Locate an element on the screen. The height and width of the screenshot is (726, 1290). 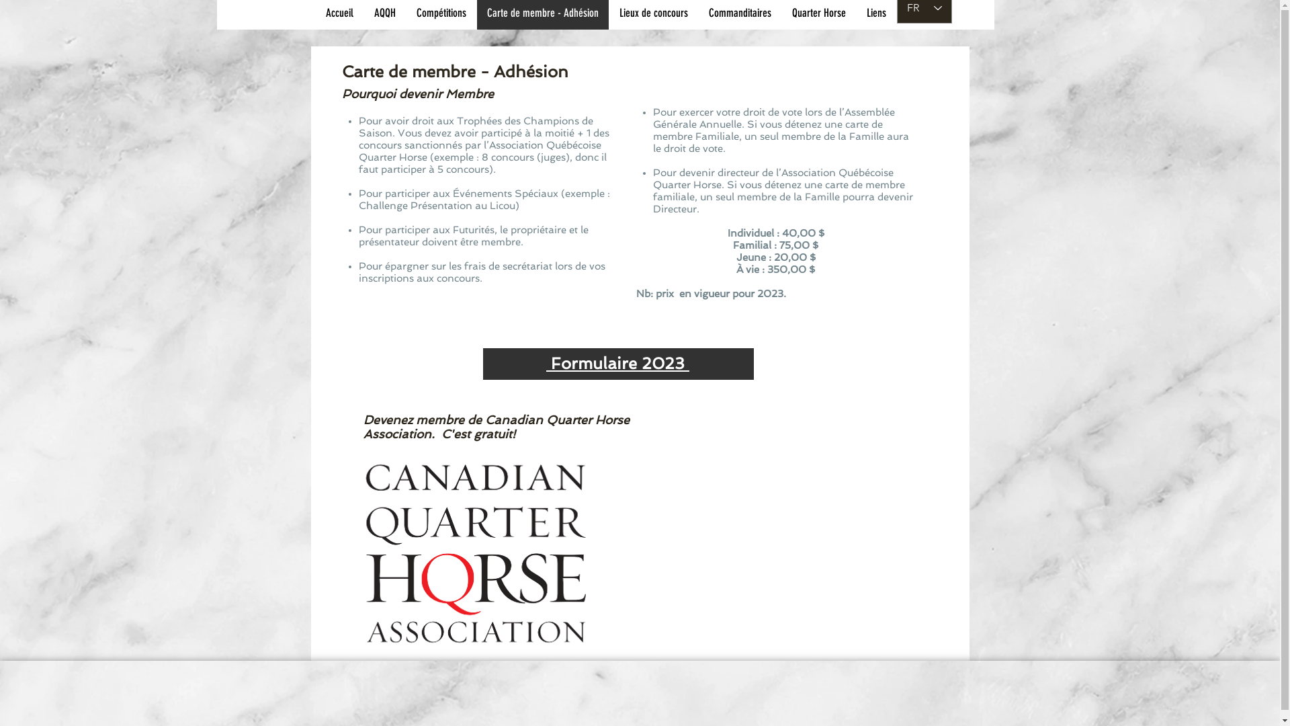
' Formulaire 2023 ' is located at coordinates (617, 363).